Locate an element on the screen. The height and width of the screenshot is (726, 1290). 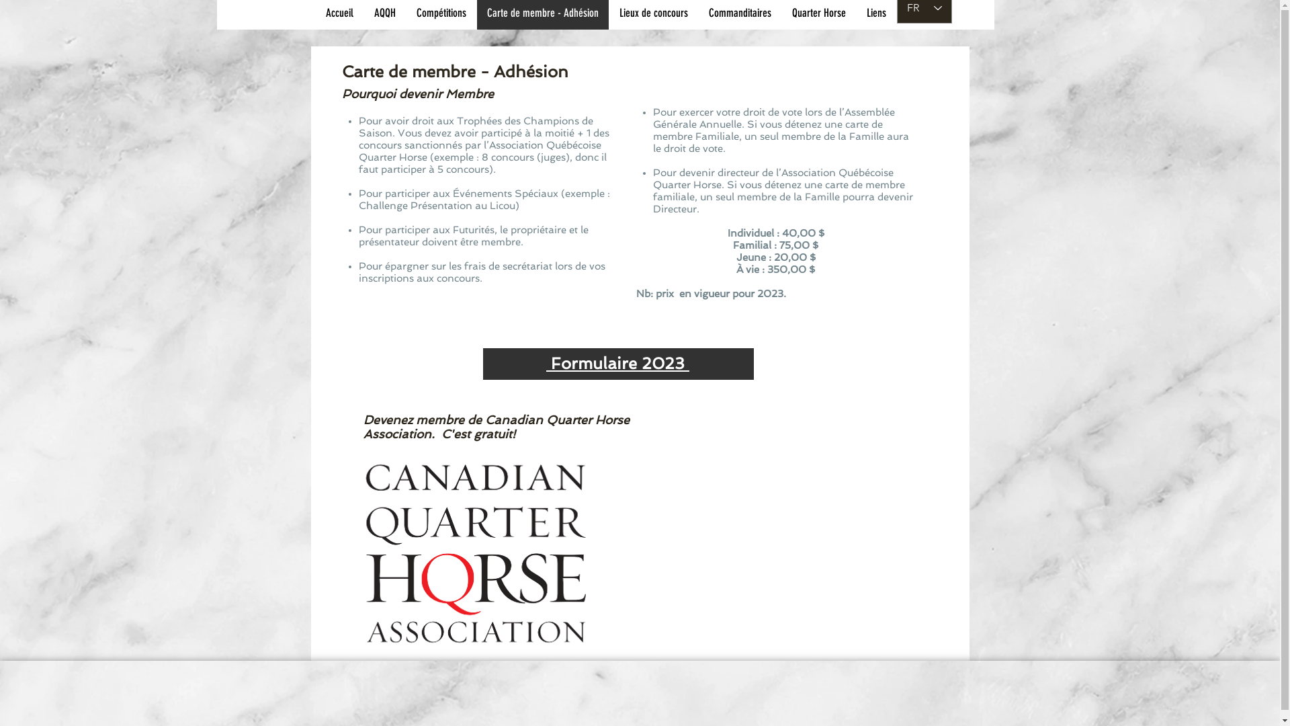
' Formulaire 2023 ' is located at coordinates (617, 363).